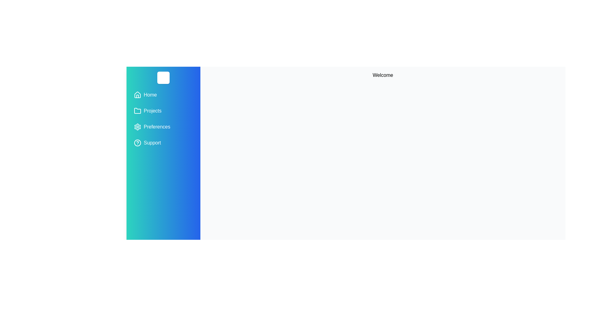 Image resolution: width=591 pixels, height=332 pixels. Describe the element at coordinates (163, 143) in the screenshot. I see `the menu item Support` at that location.